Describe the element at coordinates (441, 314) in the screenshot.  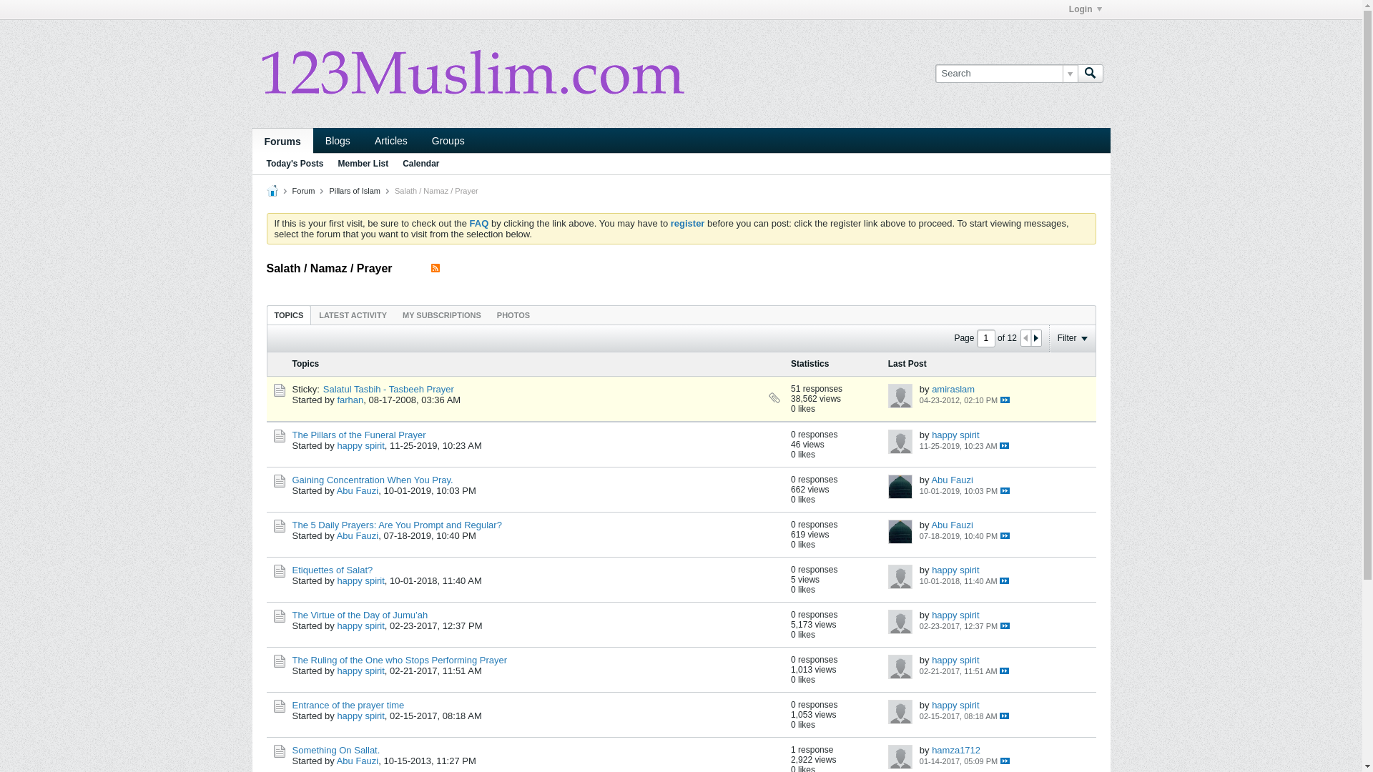
I see `'MY SUBSCRIPTIONS'` at that location.